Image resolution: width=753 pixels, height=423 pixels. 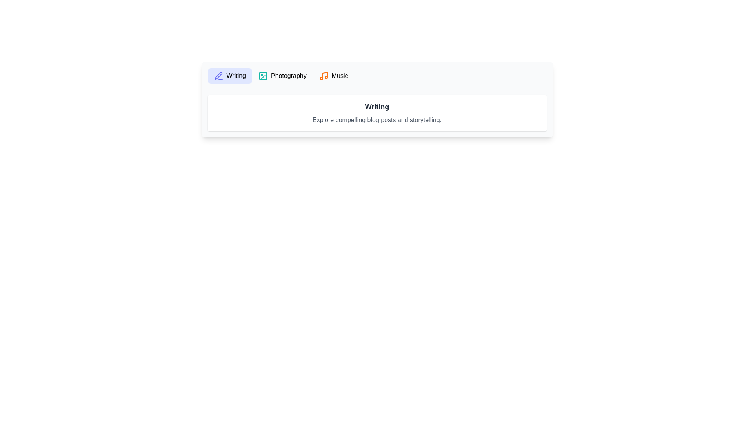 What do you see at coordinates (282, 76) in the screenshot?
I see `the tab labeled Photography` at bounding box center [282, 76].